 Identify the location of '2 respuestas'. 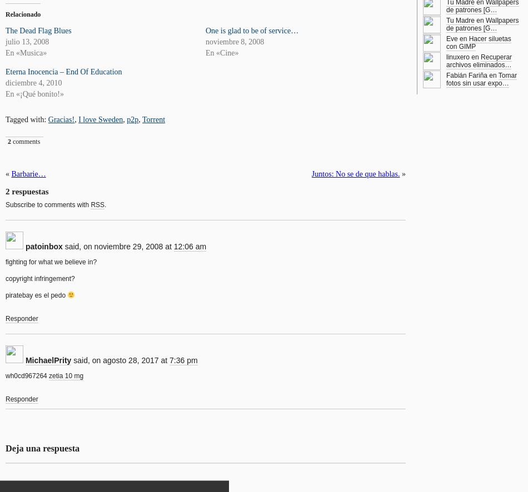
(27, 191).